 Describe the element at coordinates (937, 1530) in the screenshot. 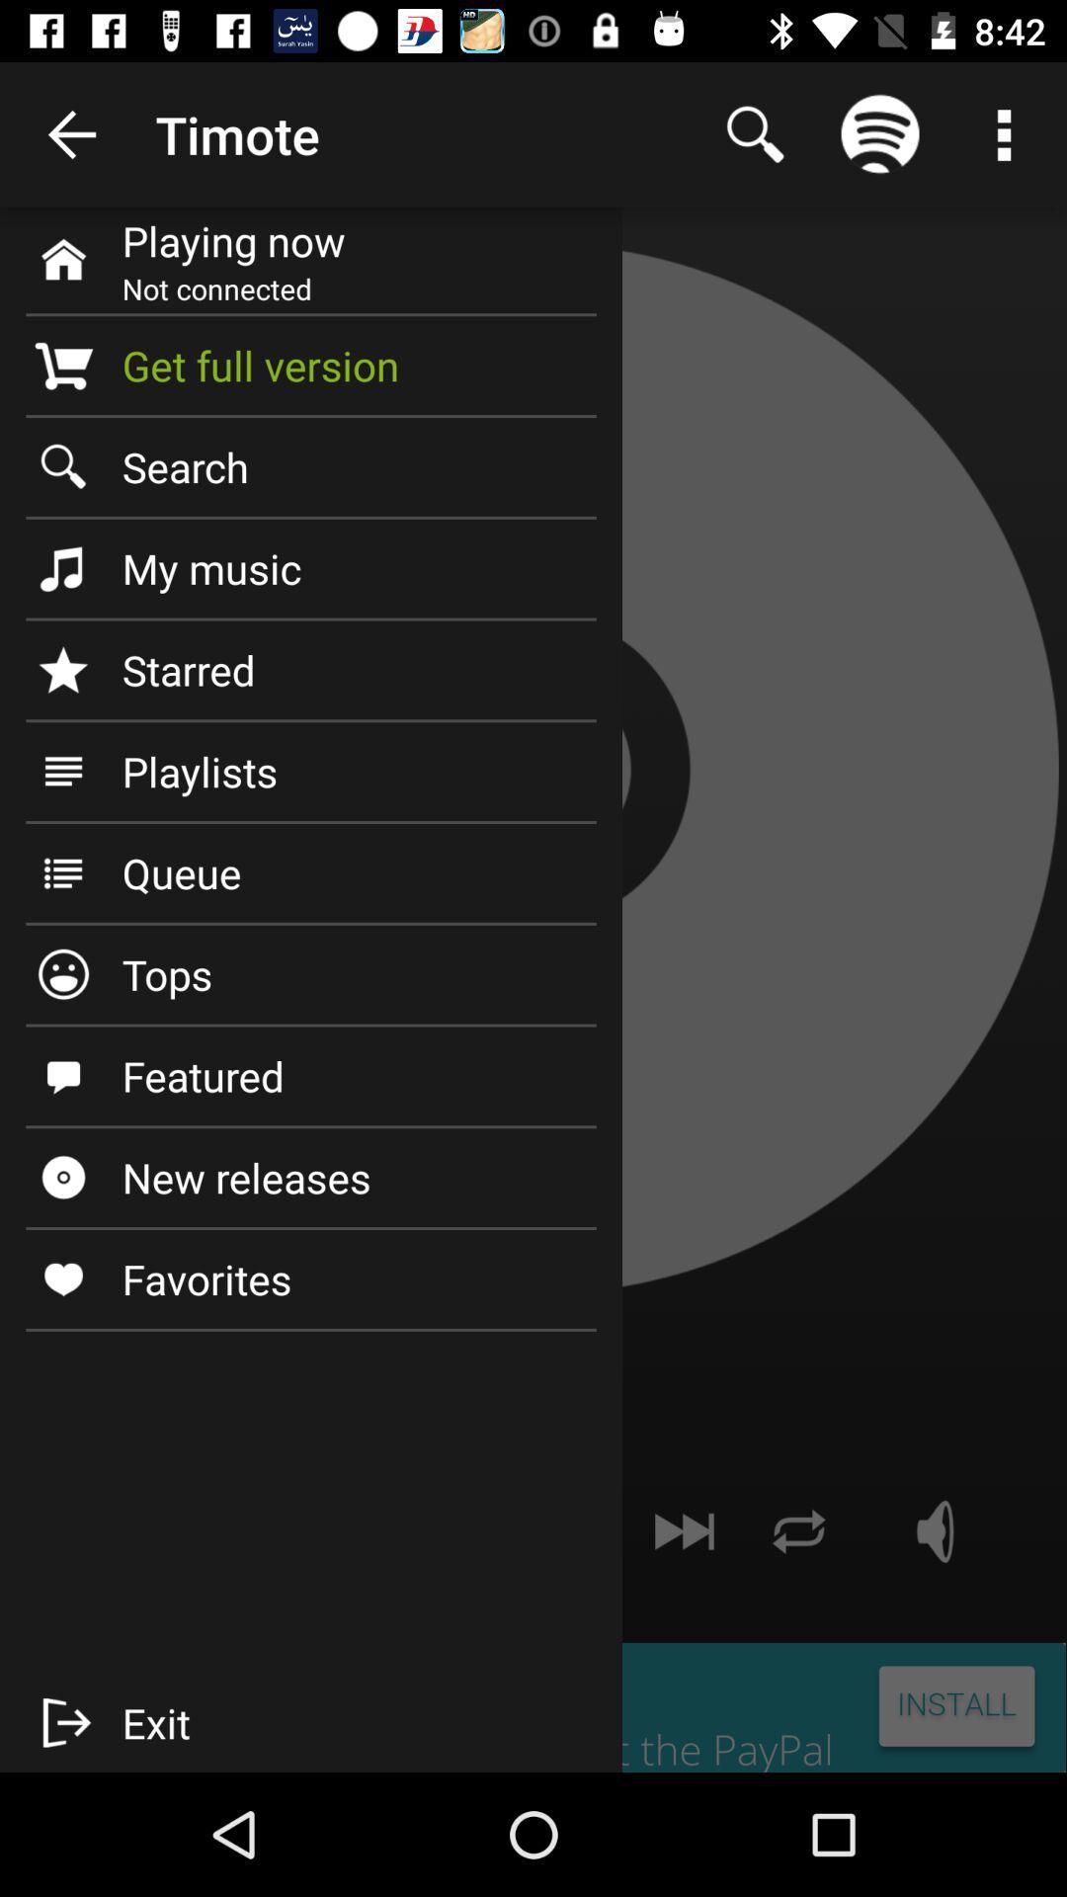

I see `the volume icon` at that location.